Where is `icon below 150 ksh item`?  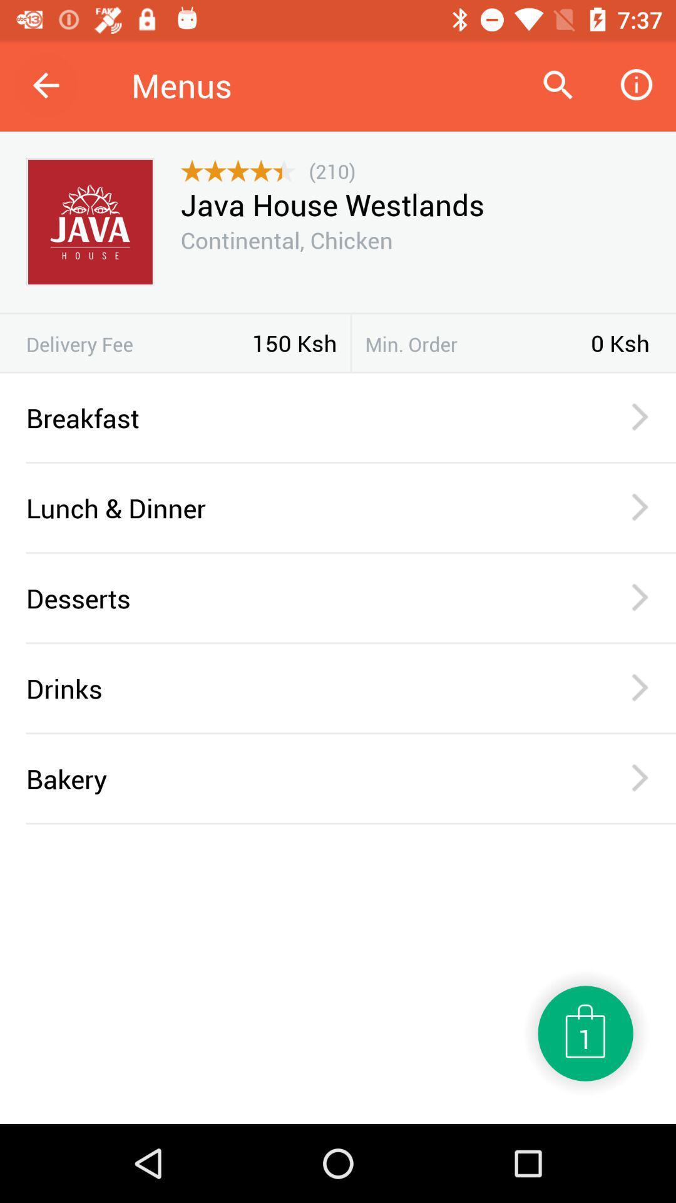 icon below 150 ksh item is located at coordinates (338, 372).